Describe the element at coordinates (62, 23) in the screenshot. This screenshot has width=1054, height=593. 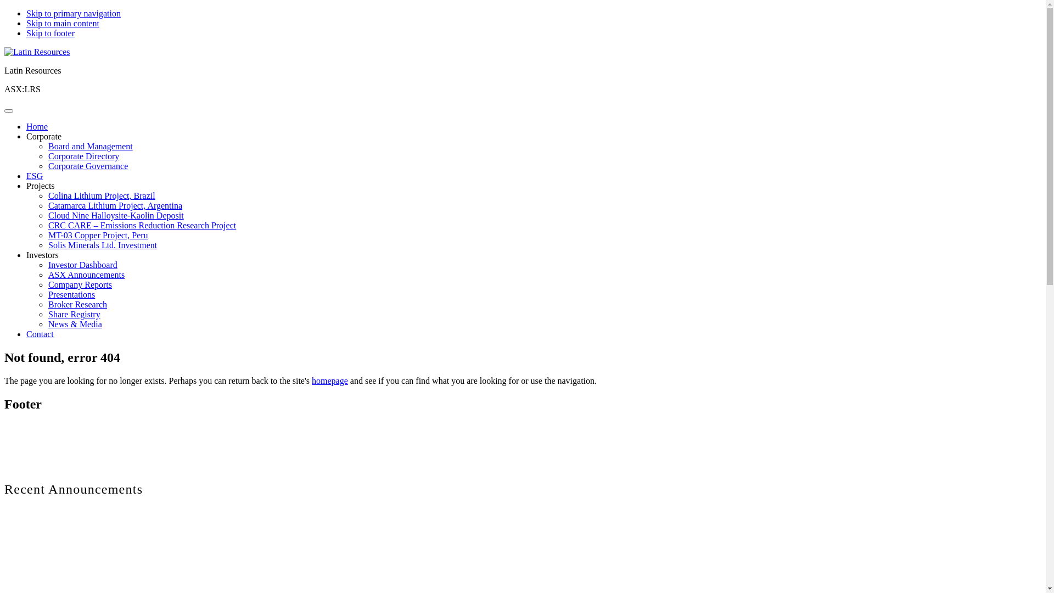
I see `'Skip to main content'` at that location.